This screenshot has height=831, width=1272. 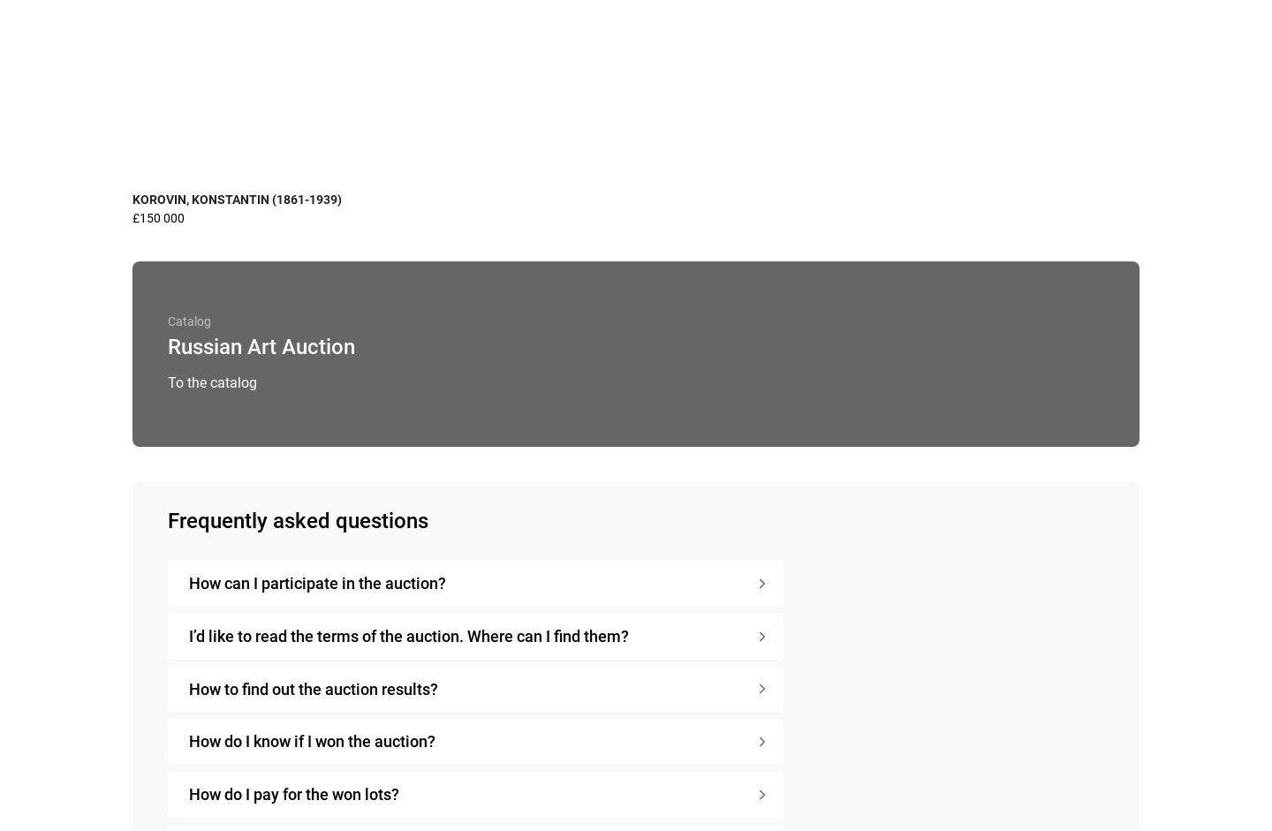 I want to click on 'How can I participate in the auction?', so click(x=317, y=581).